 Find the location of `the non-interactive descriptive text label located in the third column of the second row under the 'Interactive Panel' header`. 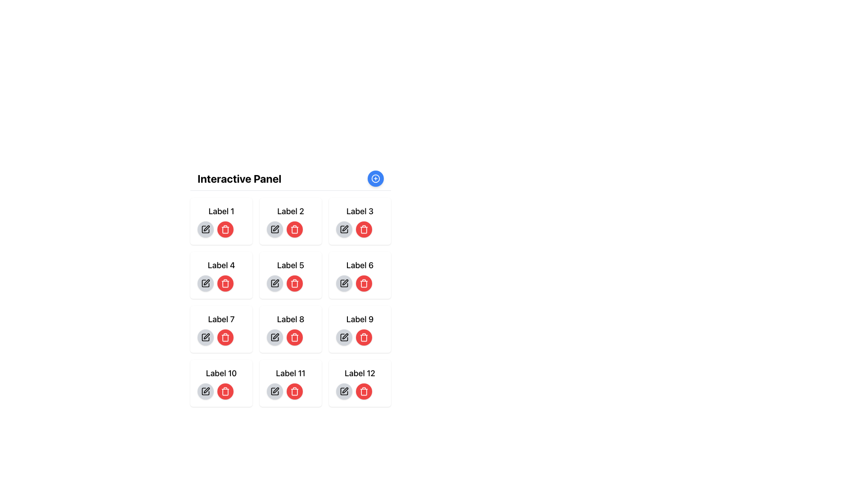

the non-interactive descriptive text label located in the third column of the second row under the 'Interactive Panel' header is located at coordinates (360, 265).